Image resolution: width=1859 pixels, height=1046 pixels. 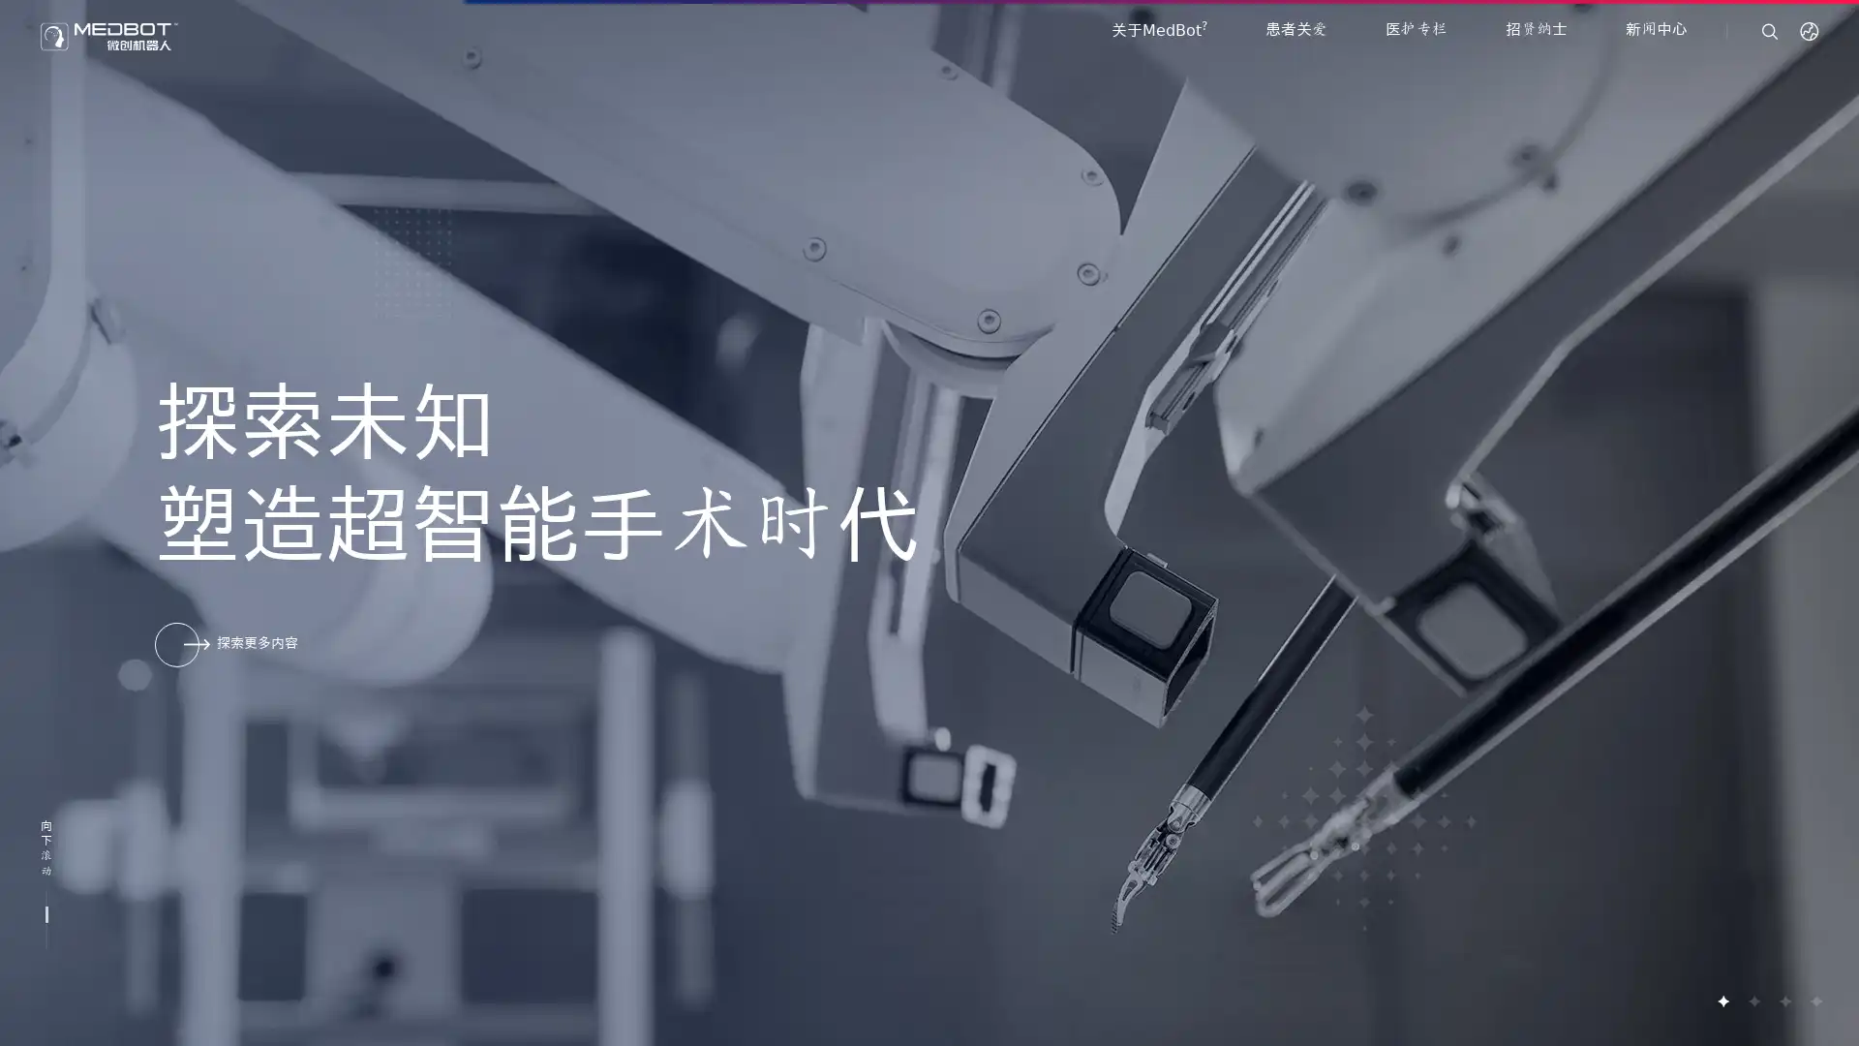 I want to click on Go to slide 4, so click(x=1814, y=1000).